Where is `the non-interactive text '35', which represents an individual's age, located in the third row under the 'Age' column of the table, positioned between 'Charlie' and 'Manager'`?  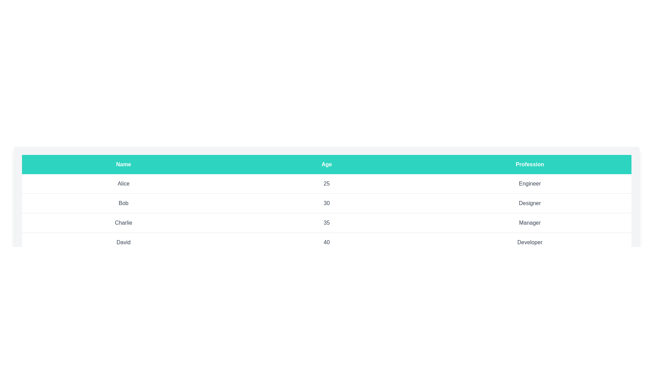
the non-interactive text '35', which represents an individual's age, located in the third row under the 'Age' column of the table, positioned between 'Charlie' and 'Manager' is located at coordinates (326, 223).